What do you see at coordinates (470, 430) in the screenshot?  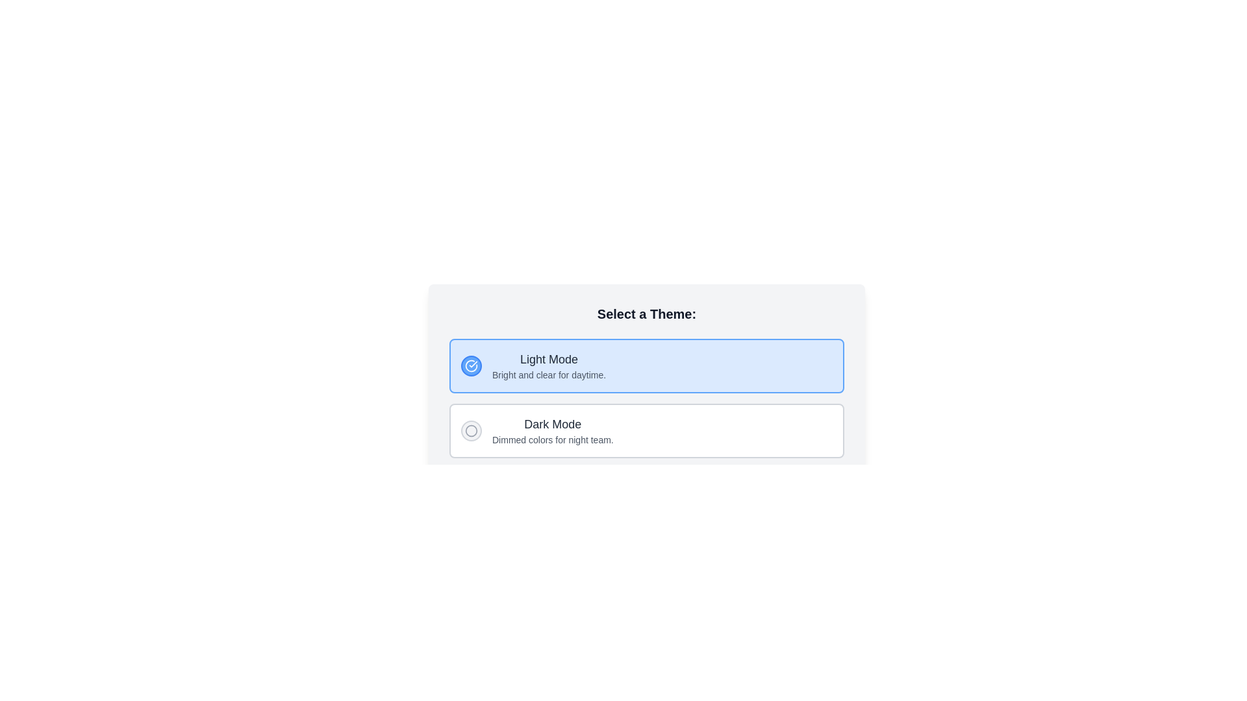 I see `the circular button for the 'Dark Mode' option located in the bottom panel` at bounding box center [470, 430].